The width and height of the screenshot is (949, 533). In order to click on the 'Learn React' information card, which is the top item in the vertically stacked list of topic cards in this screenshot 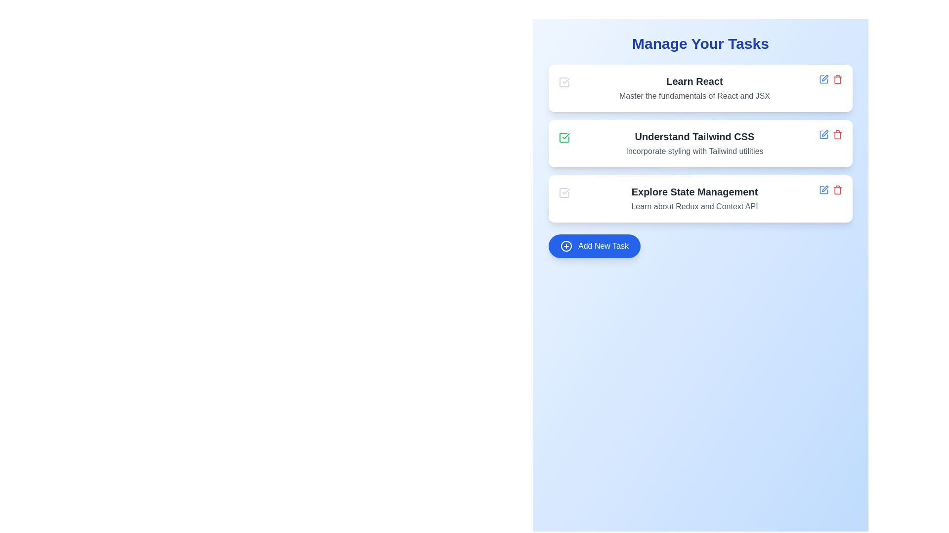, I will do `click(700, 87)`.